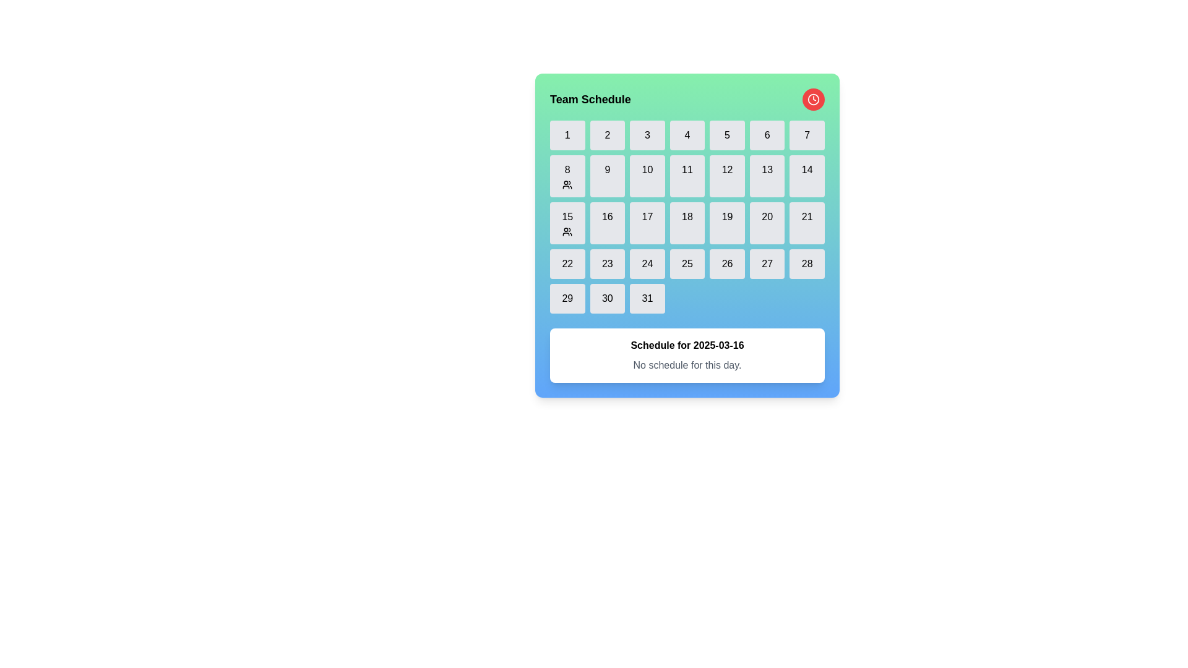 This screenshot has height=668, width=1188. I want to click on the icon located at the bottom center of the calendar cell marked with the date '15' in the schedule grid, which indicates assigned users or group-related details, so click(567, 231).